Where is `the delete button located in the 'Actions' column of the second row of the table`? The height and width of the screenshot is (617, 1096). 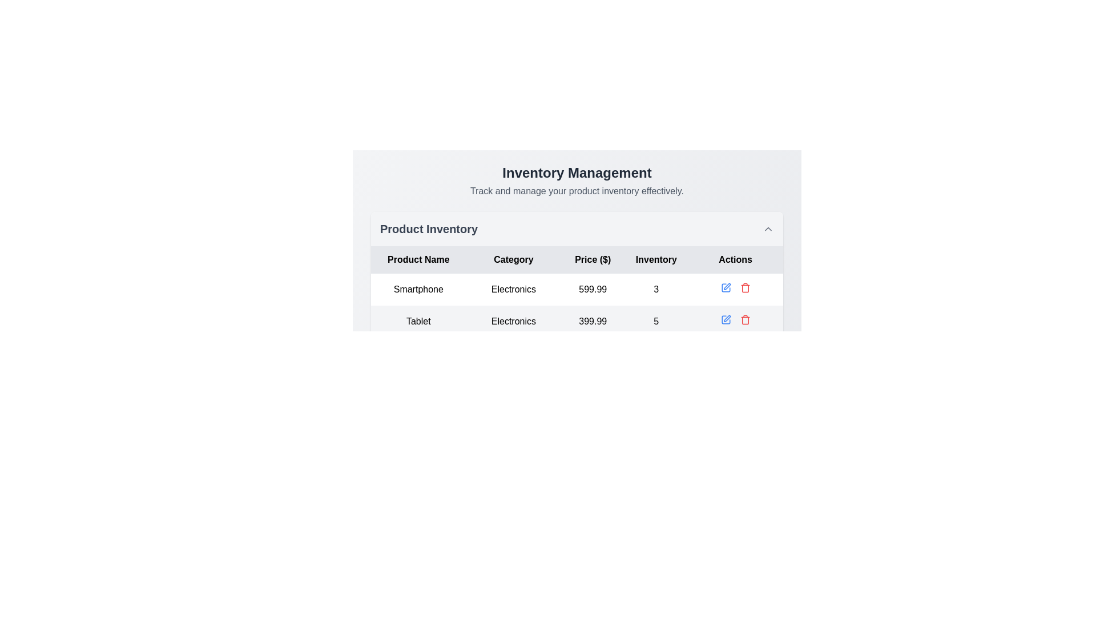 the delete button located in the 'Actions' column of the second row of the table is located at coordinates (745, 287).